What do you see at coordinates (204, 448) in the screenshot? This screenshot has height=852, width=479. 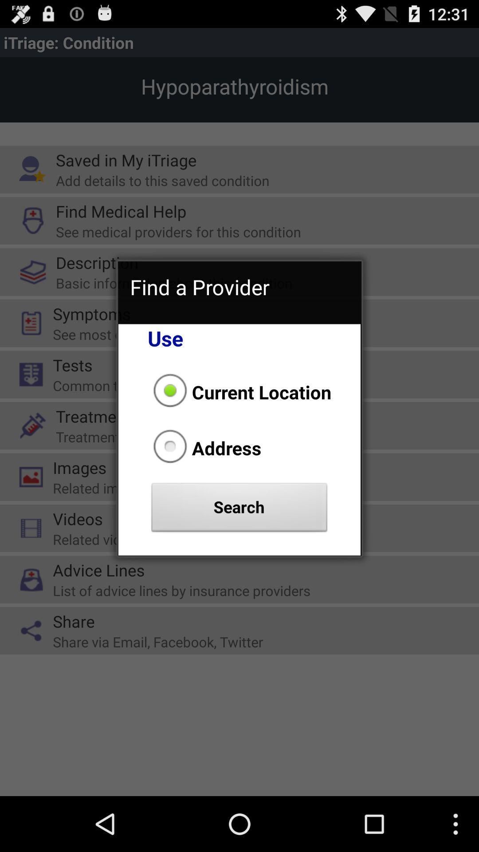 I see `address` at bounding box center [204, 448].